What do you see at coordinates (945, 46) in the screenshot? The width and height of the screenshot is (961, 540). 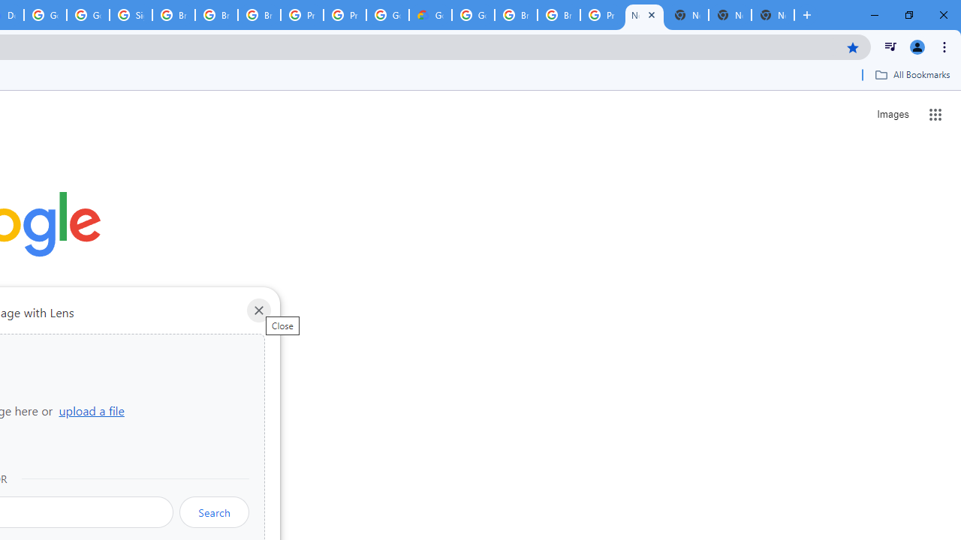 I see `'Chrome'` at bounding box center [945, 46].